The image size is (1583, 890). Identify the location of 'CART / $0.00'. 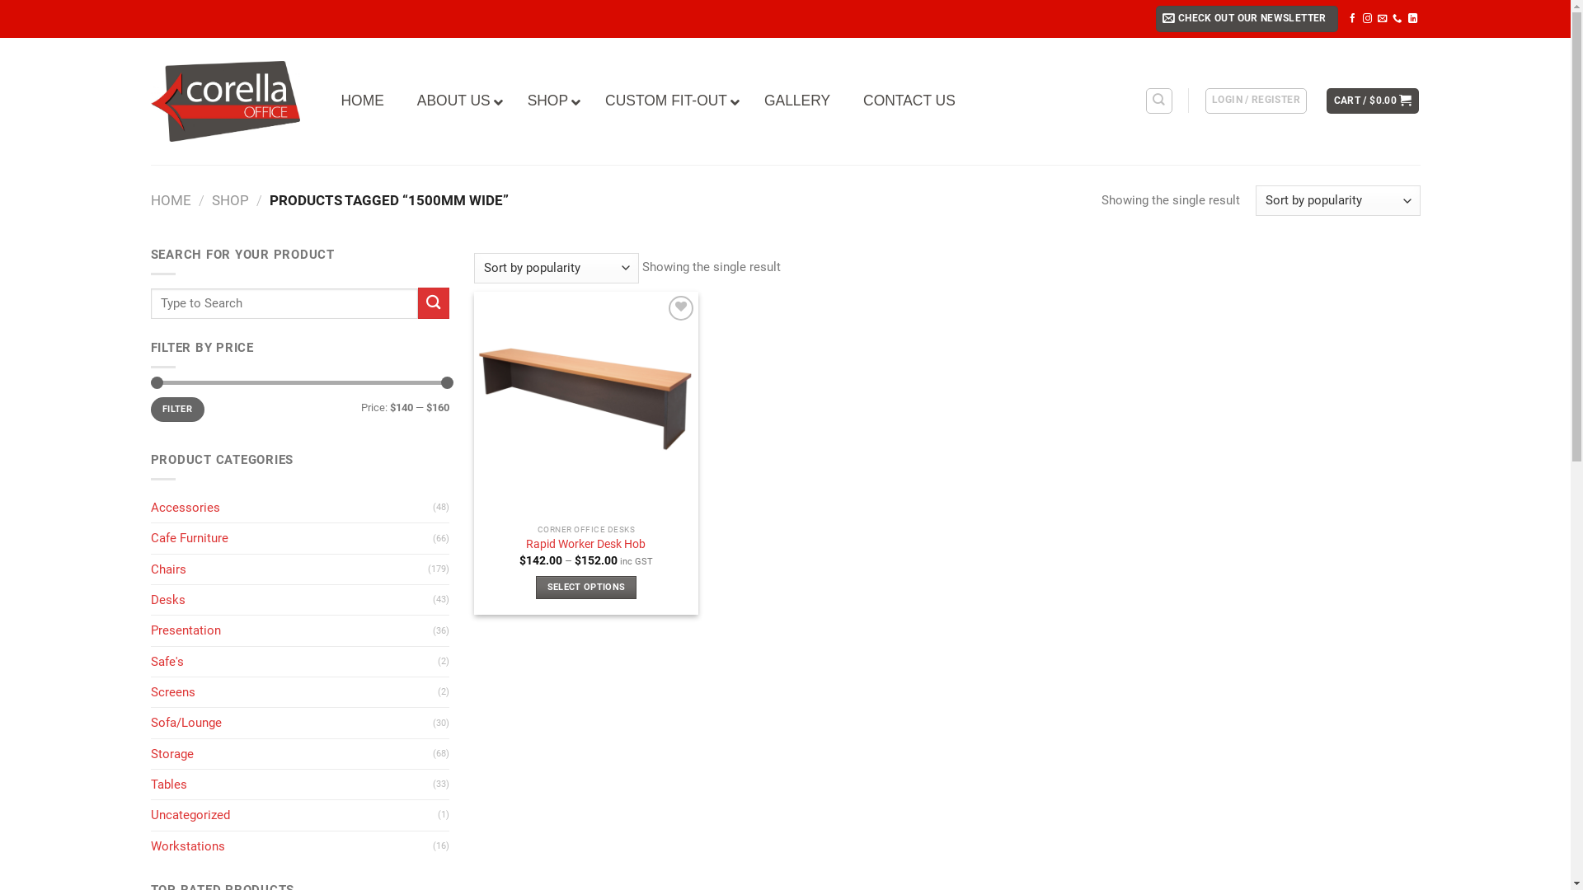
(1373, 101).